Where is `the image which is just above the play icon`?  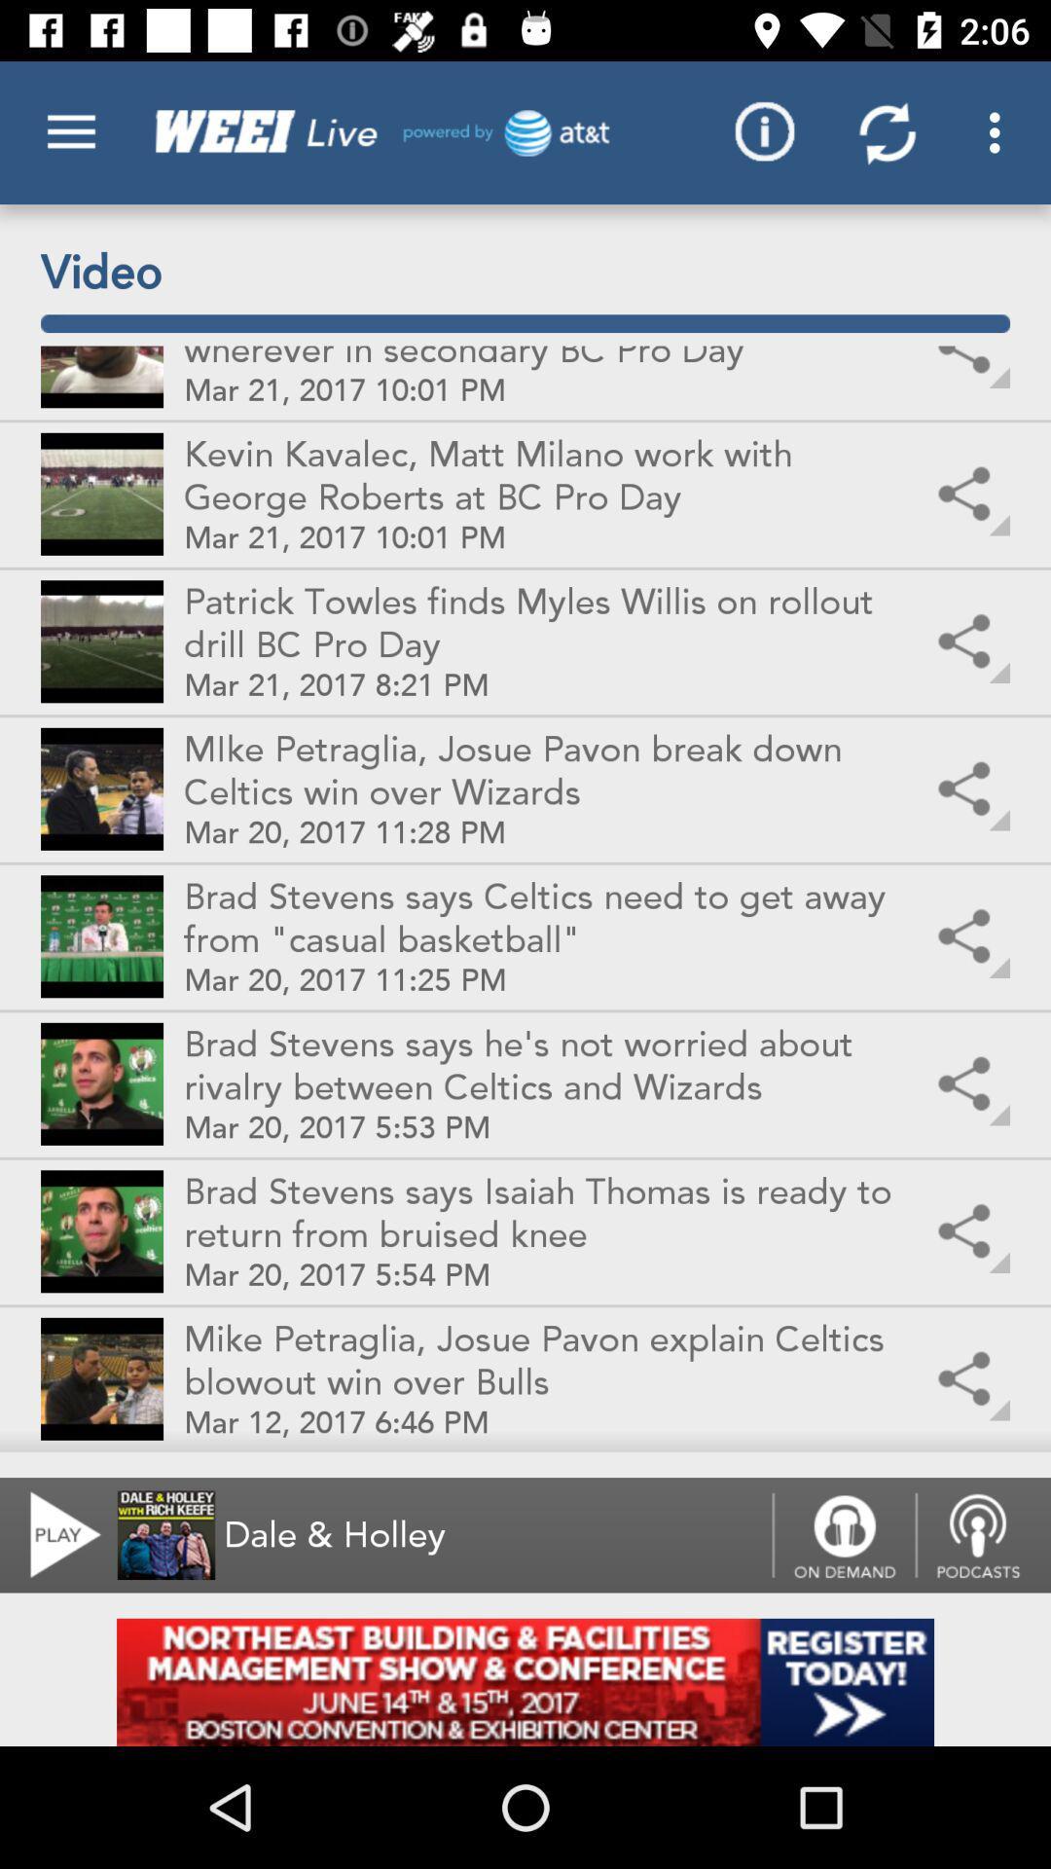
the image which is just above the play icon is located at coordinates (101, 1377).